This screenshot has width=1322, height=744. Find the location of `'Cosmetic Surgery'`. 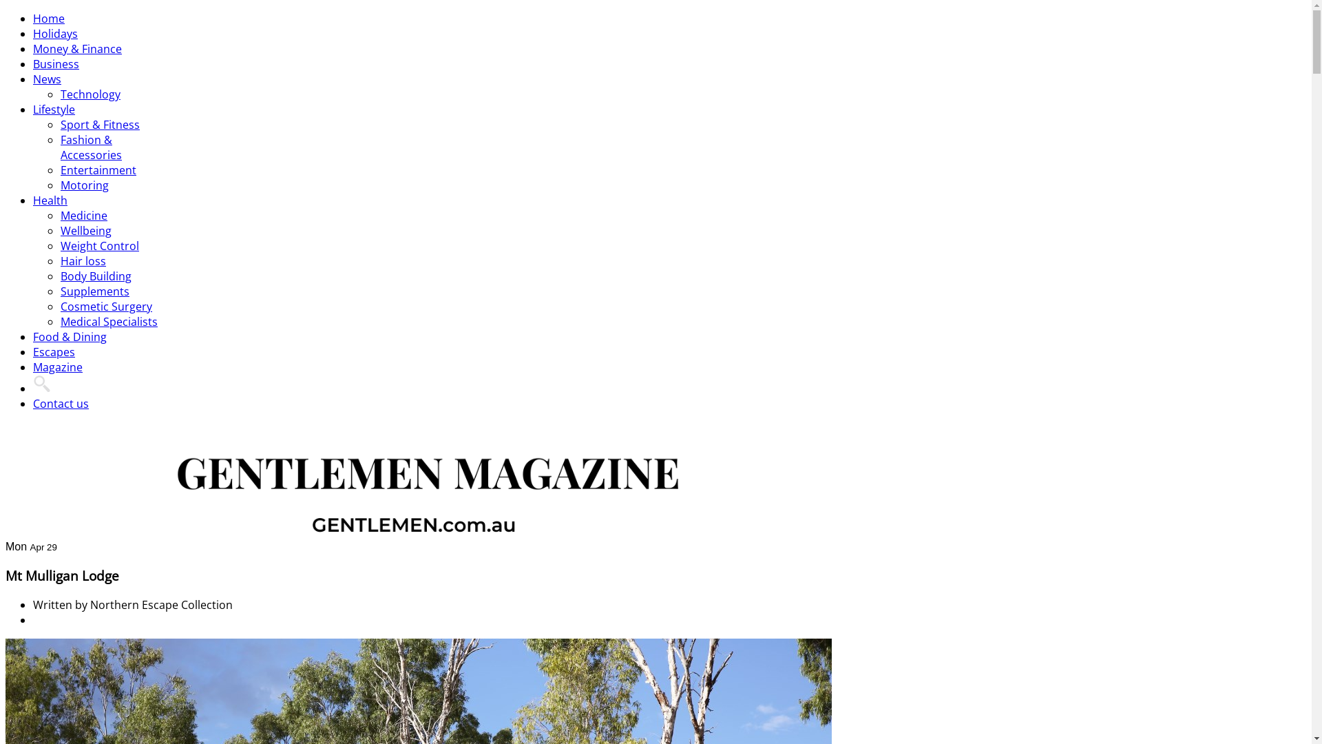

'Cosmetic Surgery' is located at coordinates (105, 305).